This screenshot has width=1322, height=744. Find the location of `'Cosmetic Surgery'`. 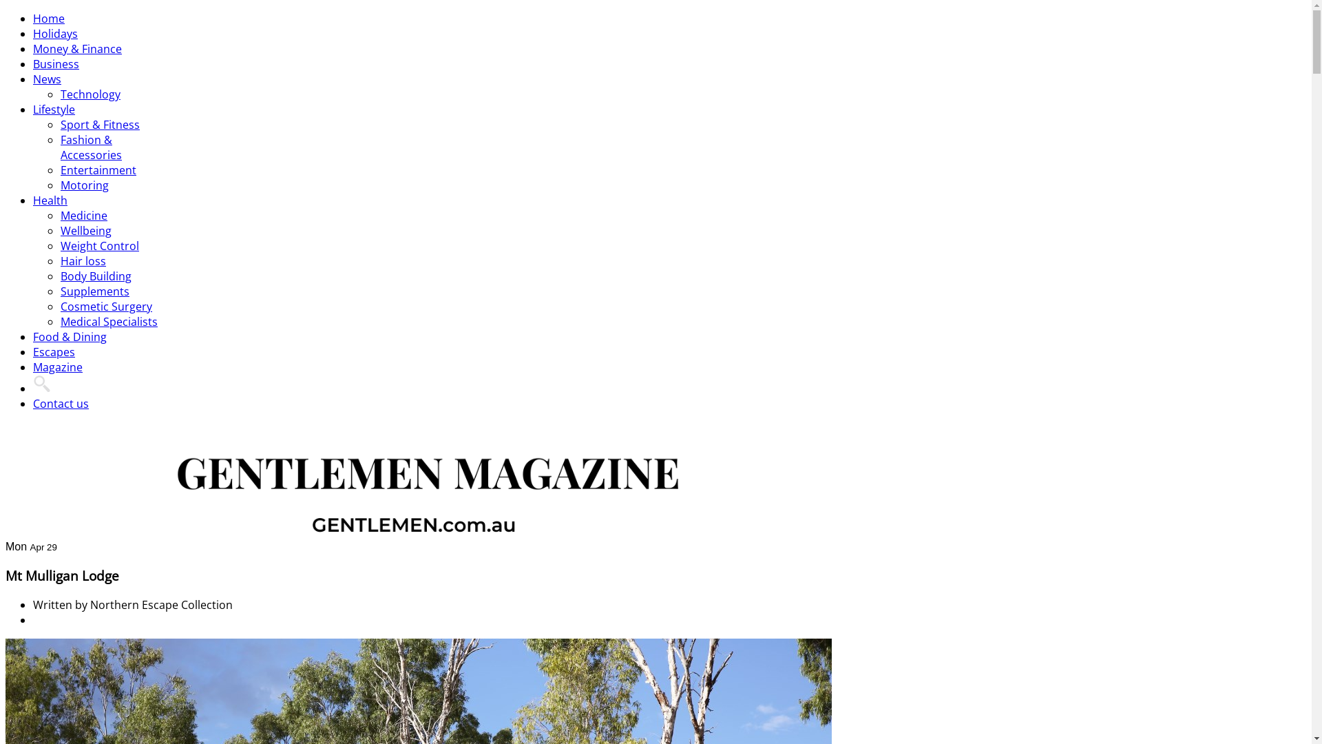

'Cosmetic Surgery' is located at coordinates (105, 305).